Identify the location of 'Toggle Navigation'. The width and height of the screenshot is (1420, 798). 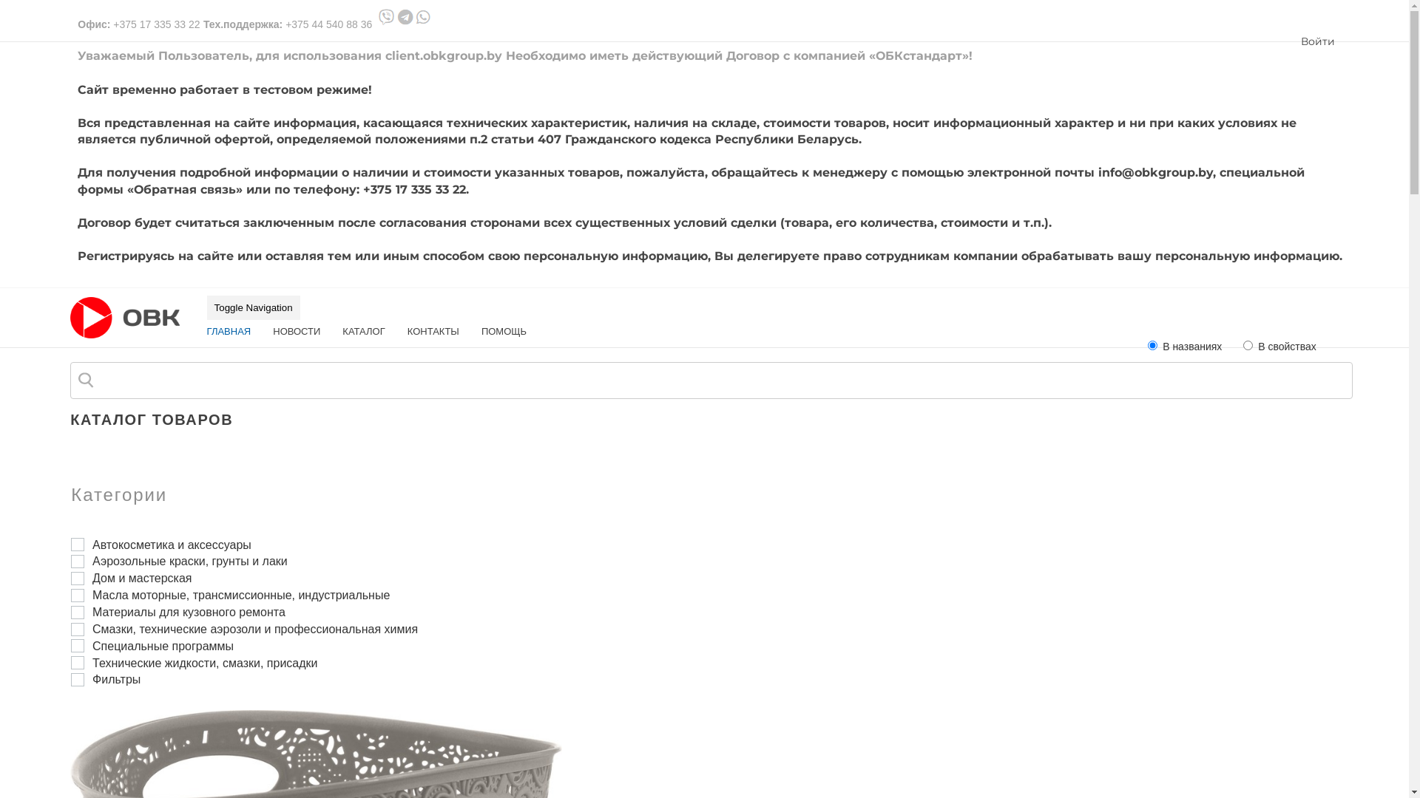
(253, 307).